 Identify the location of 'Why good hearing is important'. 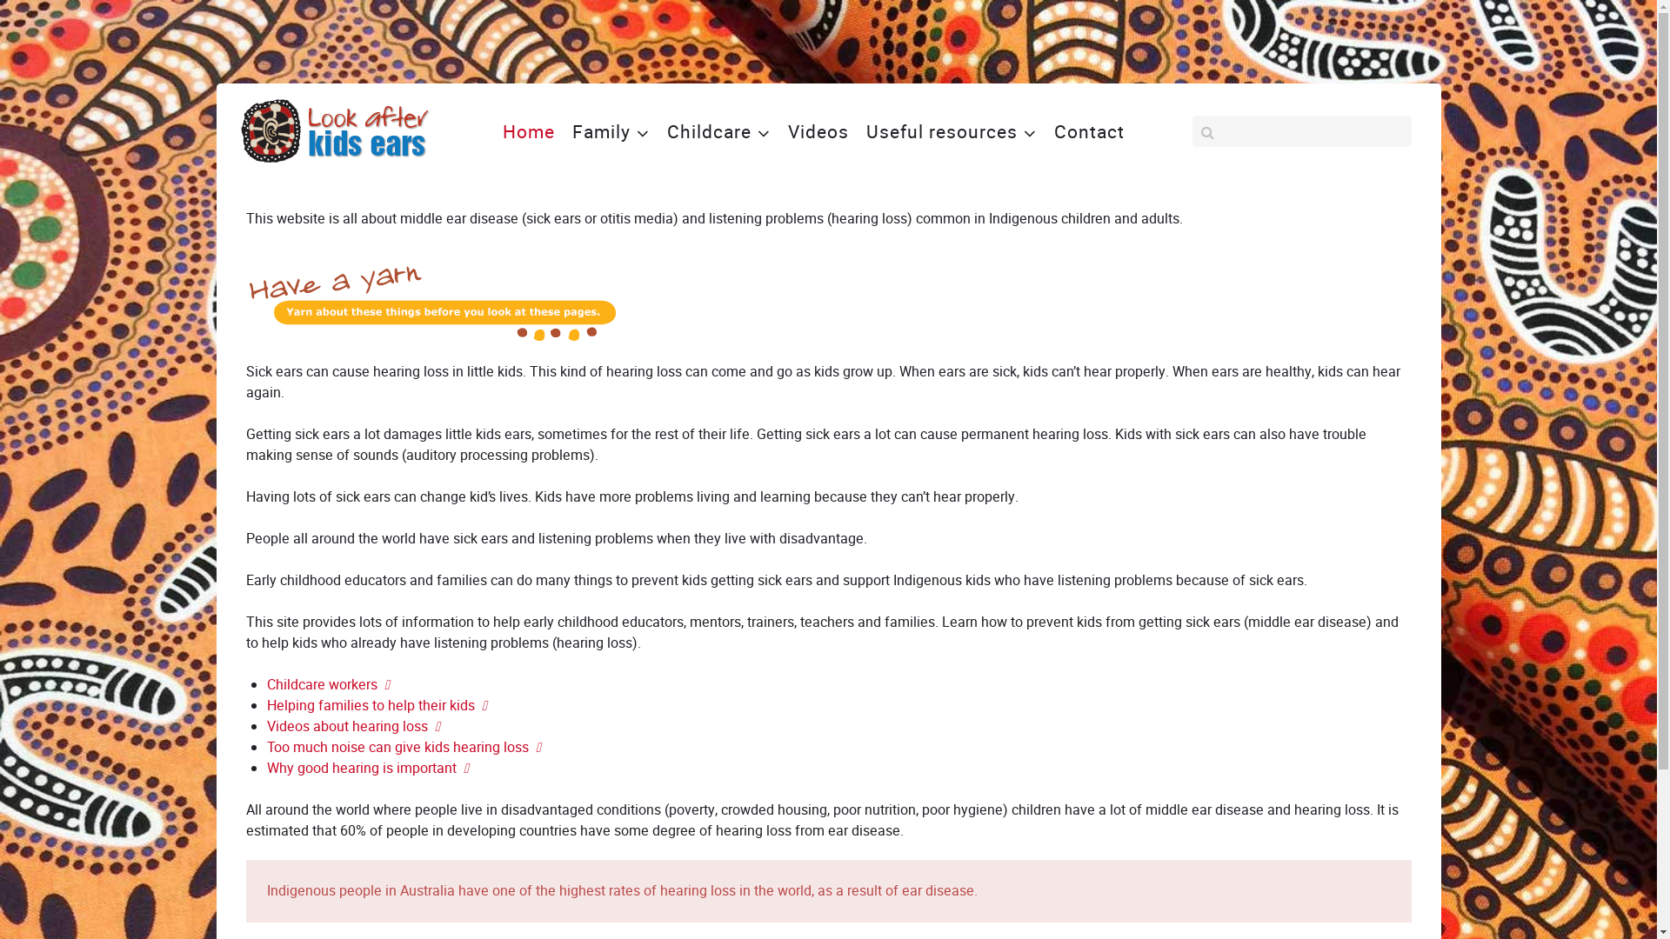
(366, 767).